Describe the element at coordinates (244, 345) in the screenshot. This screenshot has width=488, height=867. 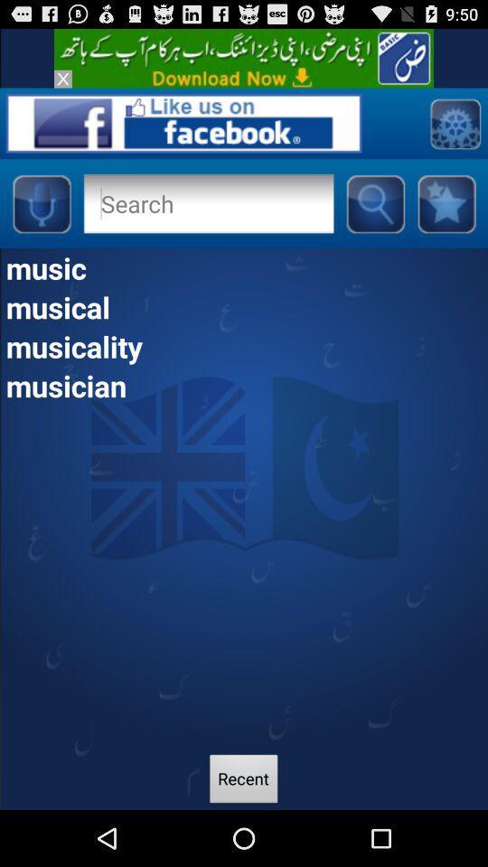
I see `musicality icon` at that location.